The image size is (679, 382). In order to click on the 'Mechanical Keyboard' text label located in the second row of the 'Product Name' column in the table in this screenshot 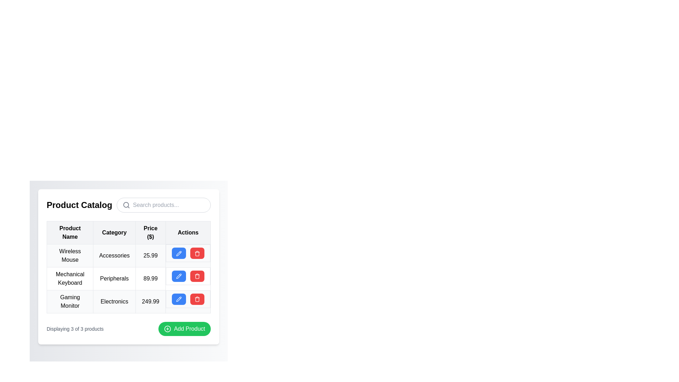, I will do `click(70, 278)`.